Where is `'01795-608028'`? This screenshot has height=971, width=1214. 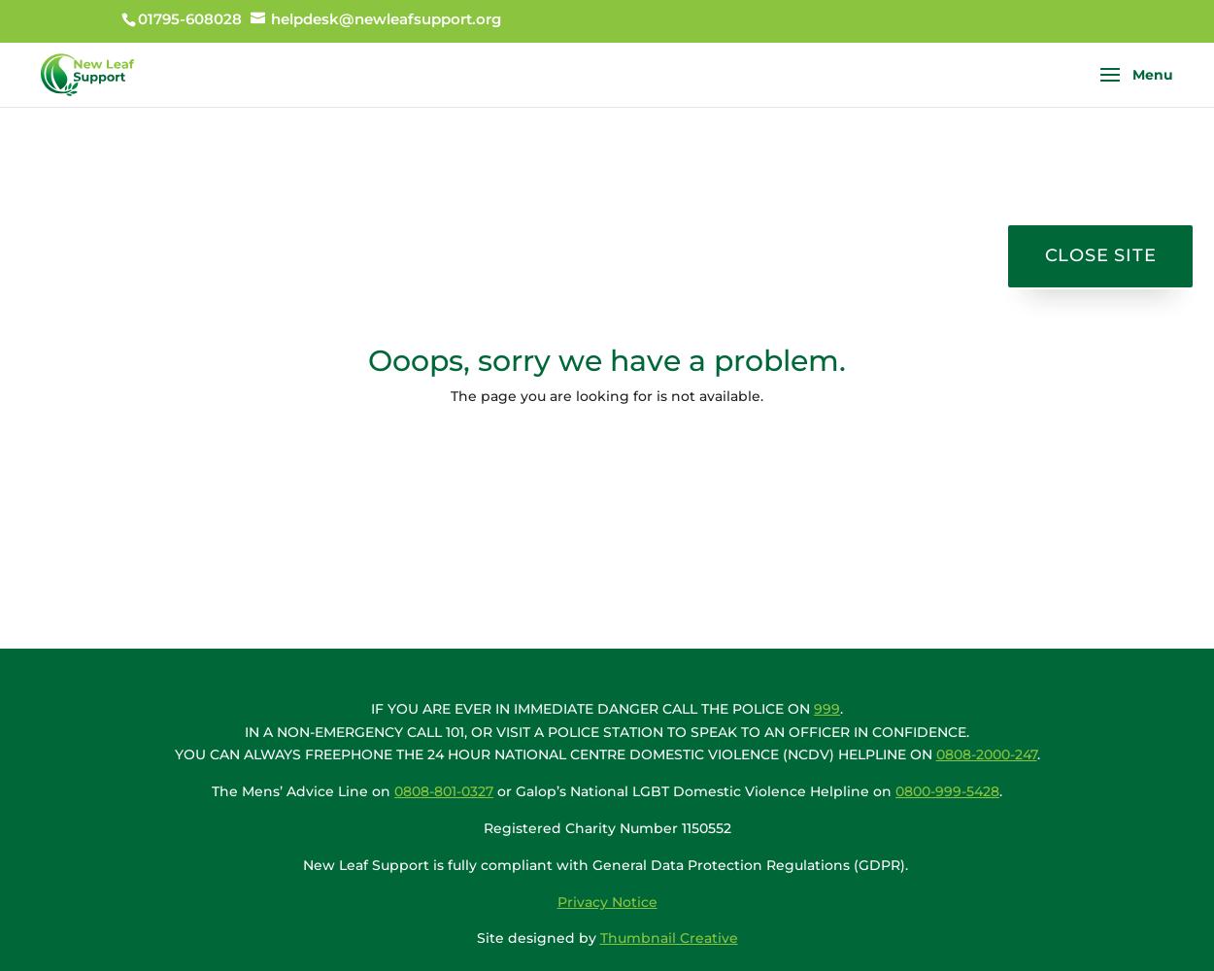 '01795-608028' is located at coordinates (188, 18).